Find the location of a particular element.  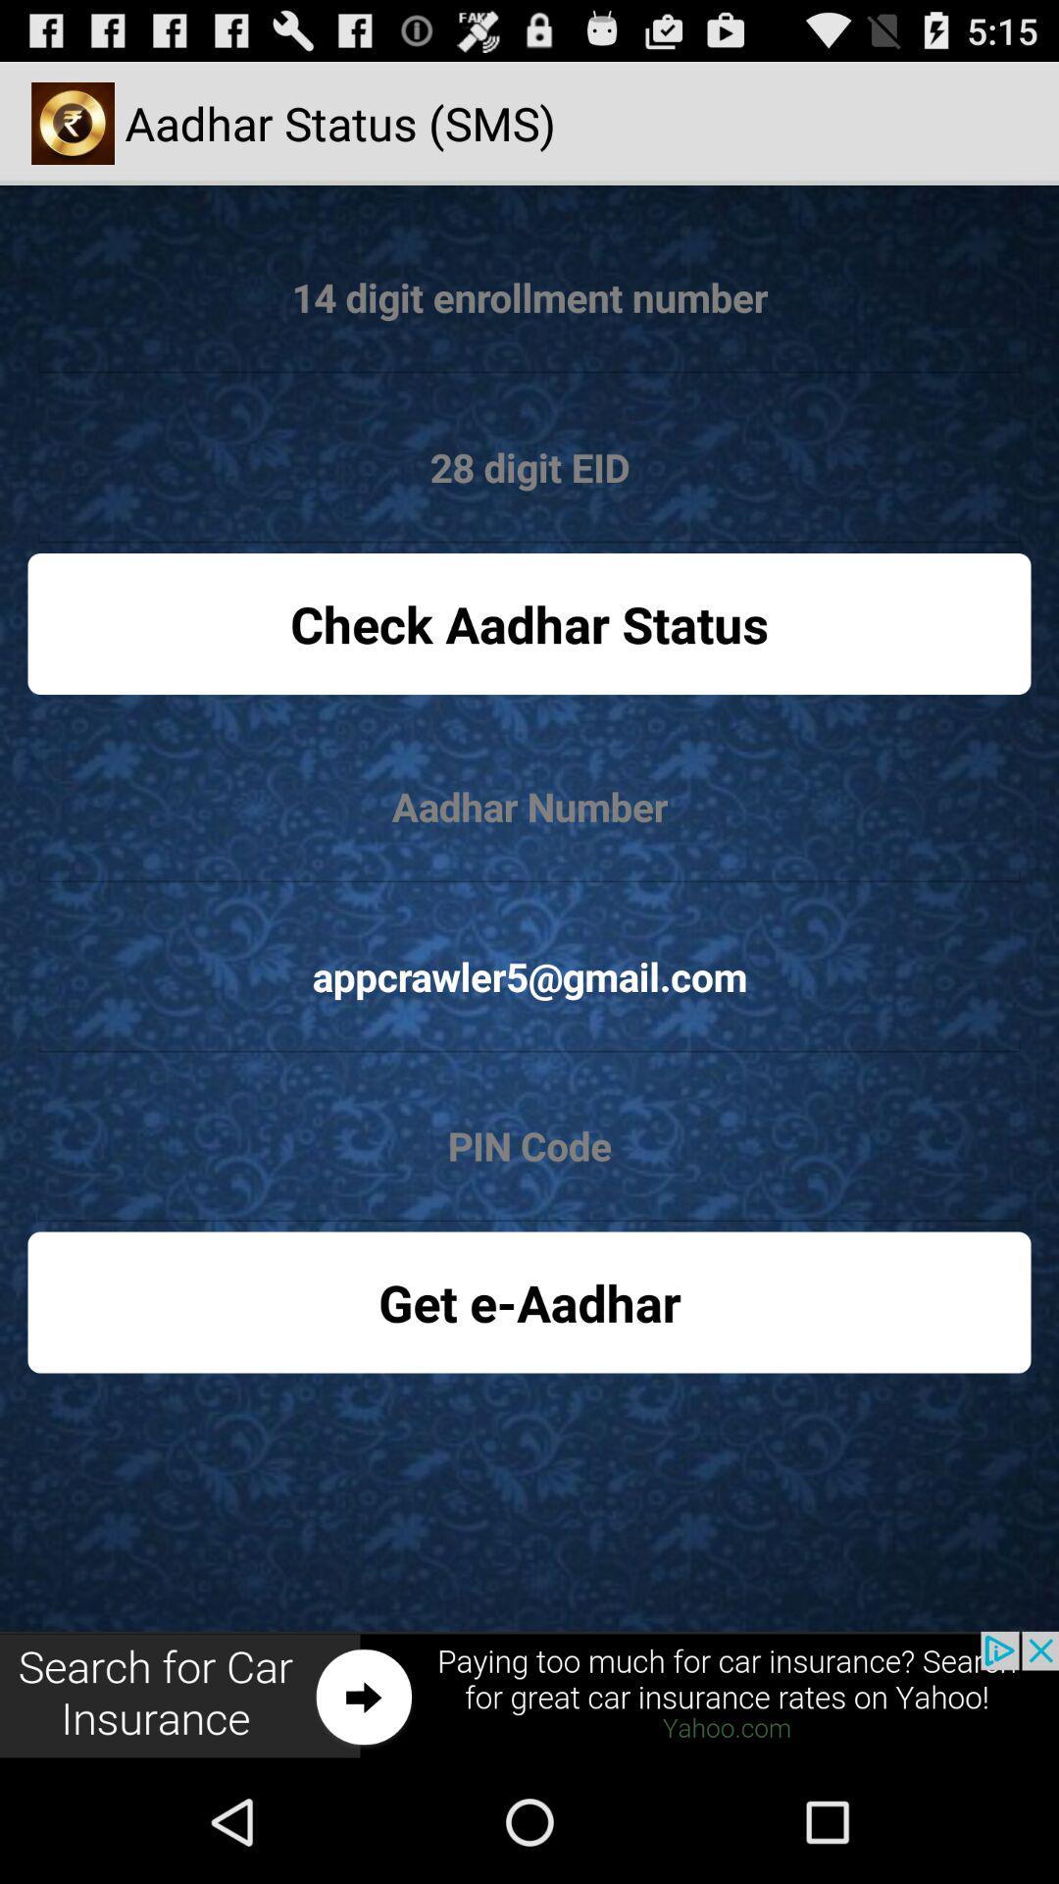

28 digit code is located at coordinates (529, 467).